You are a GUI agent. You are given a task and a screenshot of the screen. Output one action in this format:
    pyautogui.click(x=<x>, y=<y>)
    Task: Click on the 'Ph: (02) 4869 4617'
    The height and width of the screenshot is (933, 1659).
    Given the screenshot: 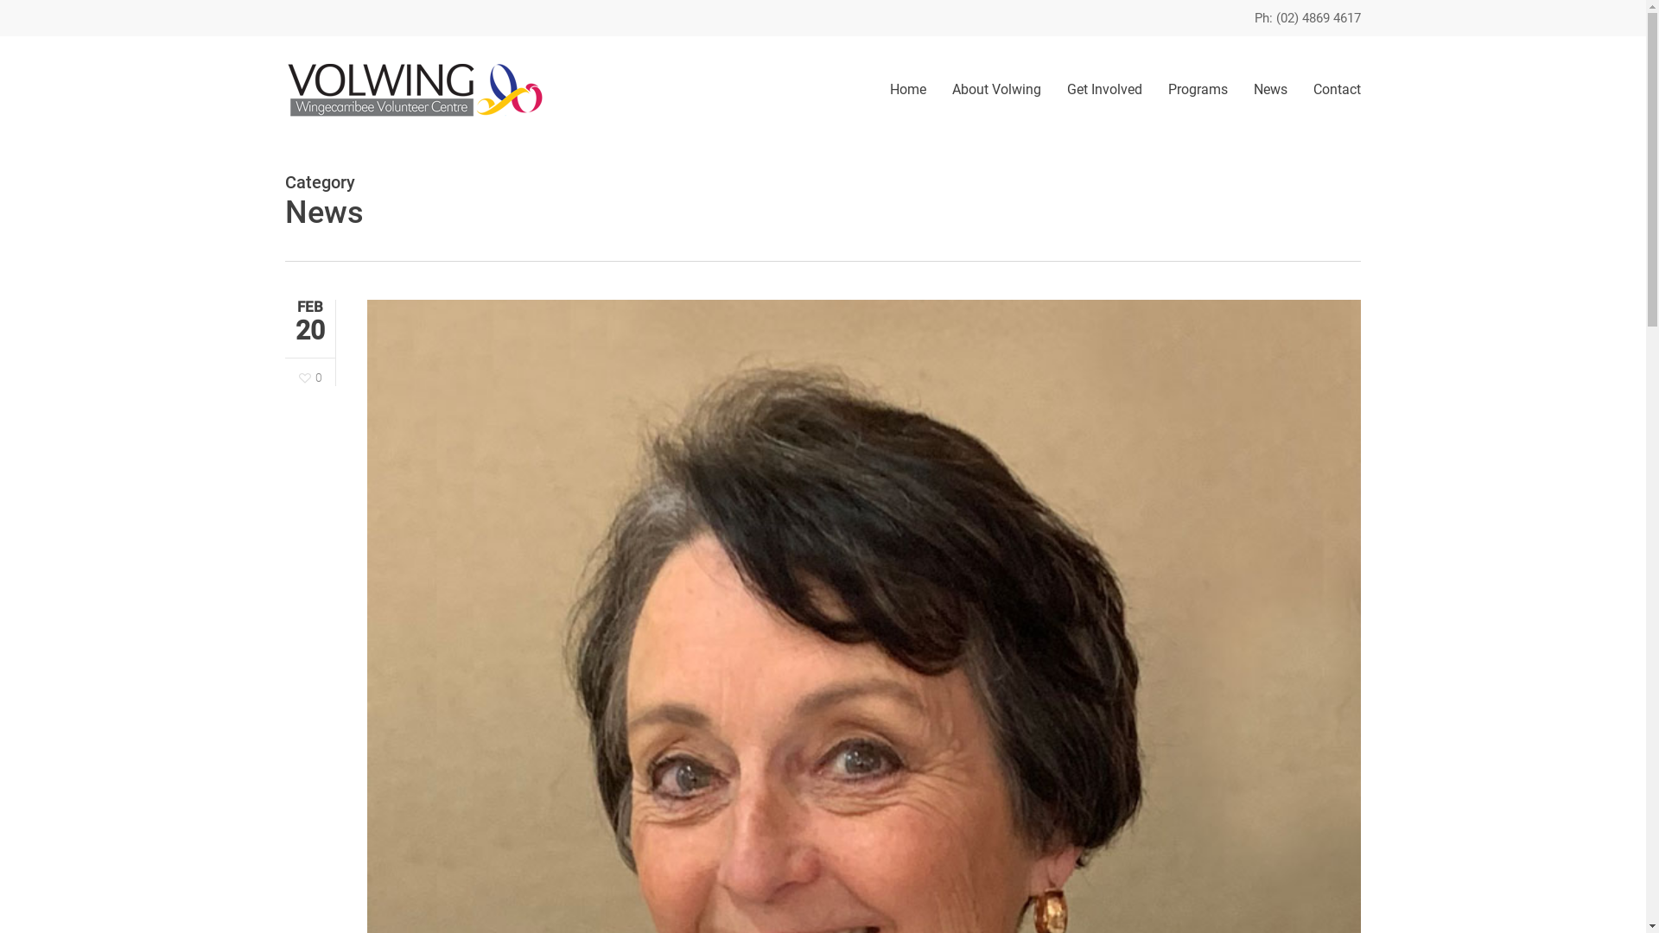 What is the action you would take?
    pyautogui.click(x=1307, y=17)
    